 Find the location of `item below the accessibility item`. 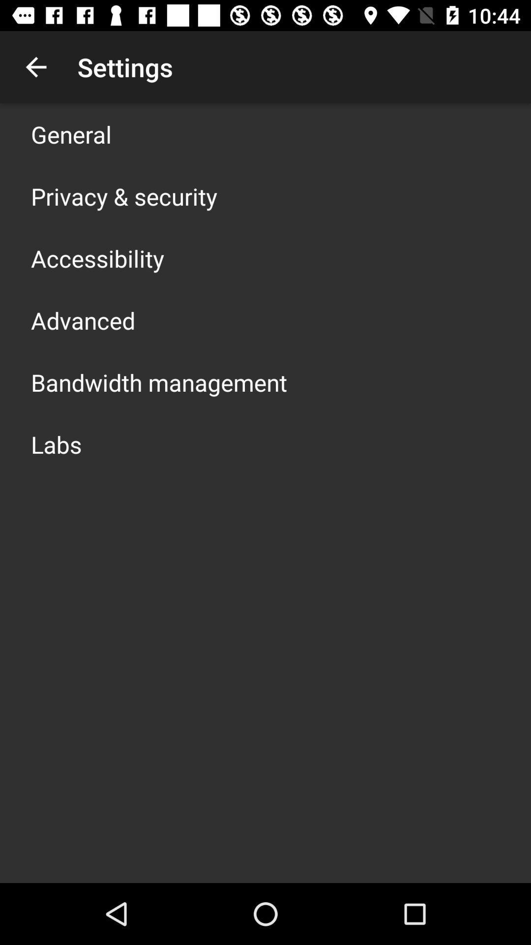

item below the accessibility item is located at coordinates (83, 320).